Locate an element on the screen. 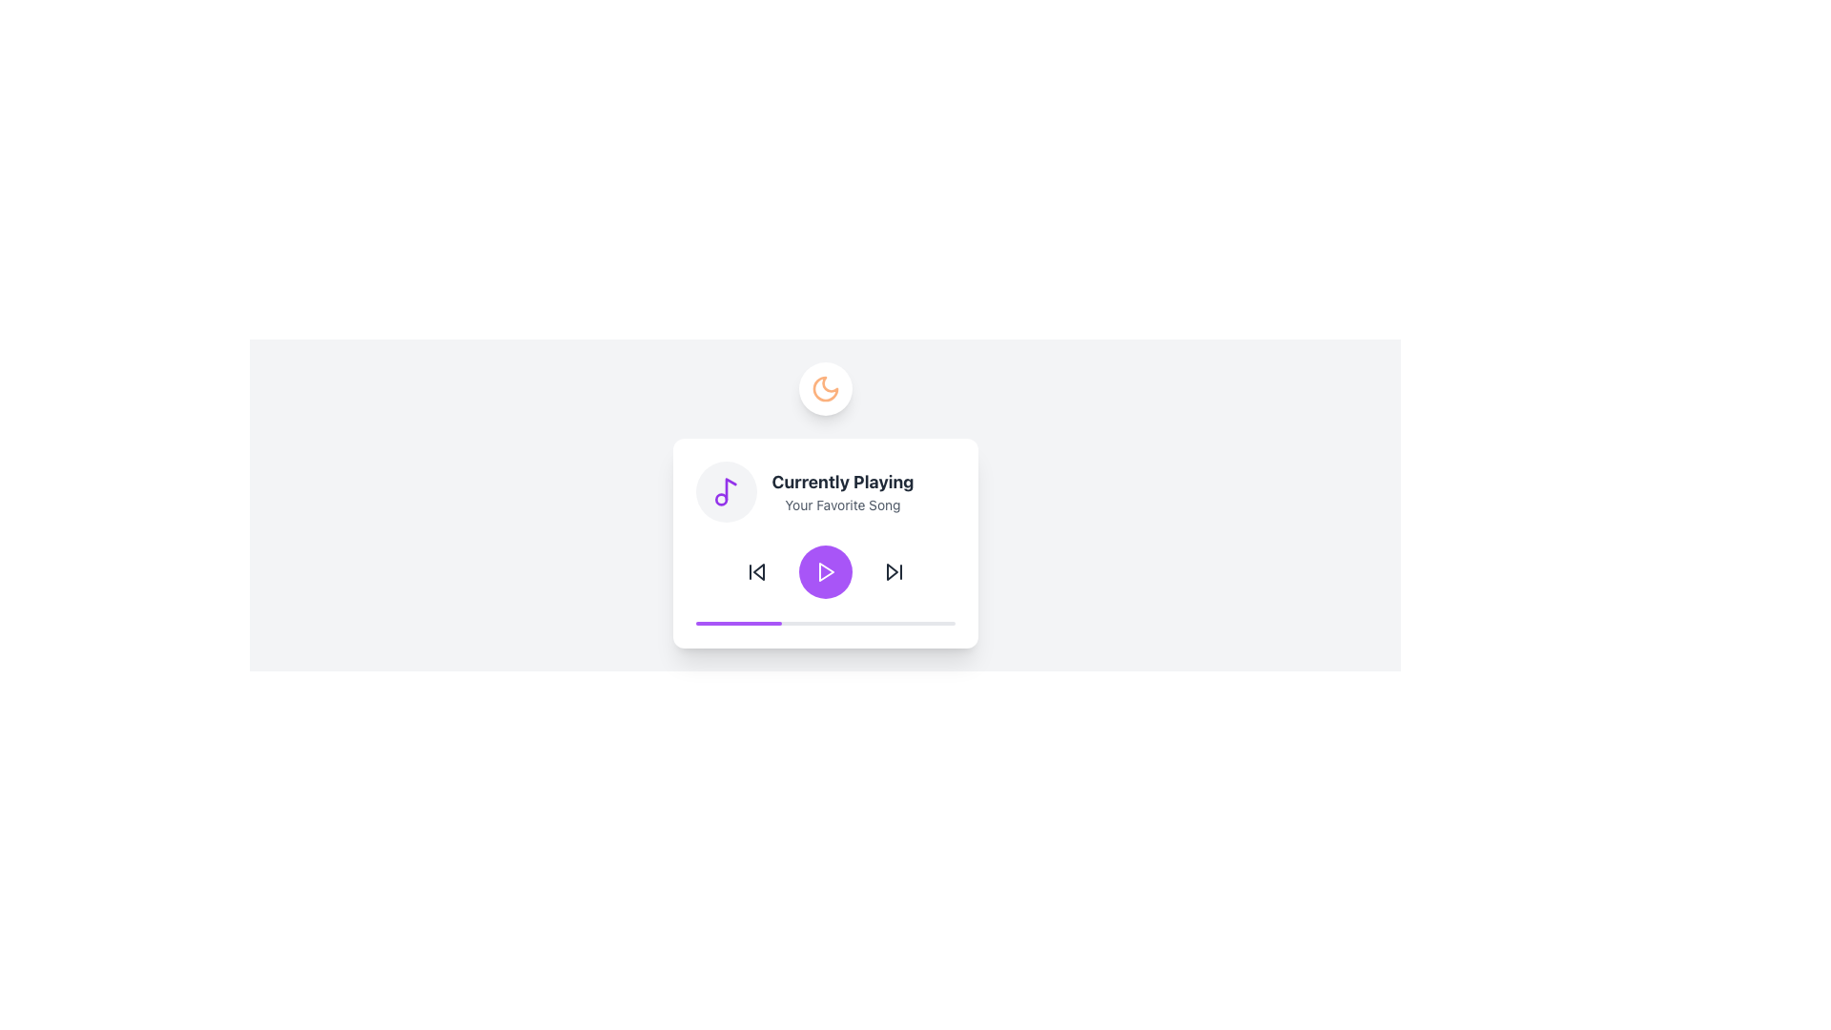 This screenshot has width=1831, height=1030. the forward action icon button, which is a triangular play button outlined in dark color located on the control panel of the music player widget is located at coordinates (893, 571).